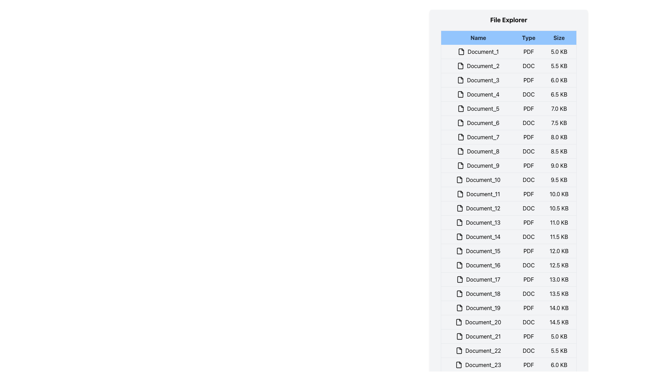 The image size is (667, 375). What do you see at coordinates (559, 251) in the screenshot?
I see `the static text label displaying '12.0 KB' that is part of the row representing 'Document_15' in the table structure` at bounding box center [559, 251].